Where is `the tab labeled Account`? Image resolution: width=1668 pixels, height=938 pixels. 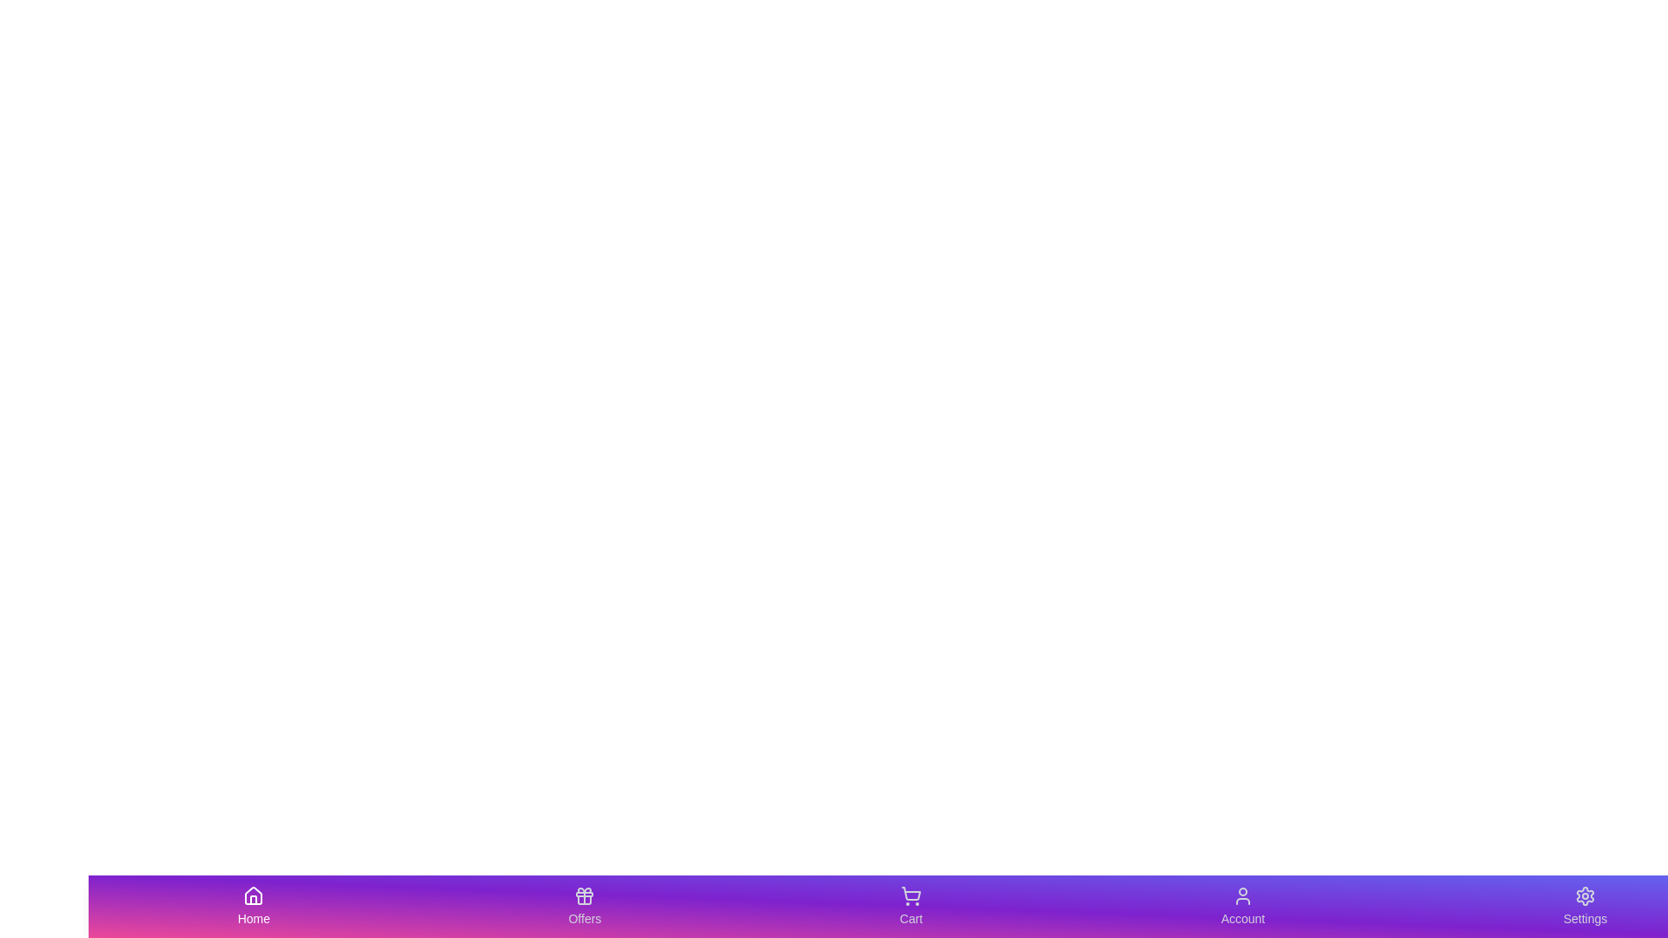 the tab labeled Account is located at coordinates (1241, 906).